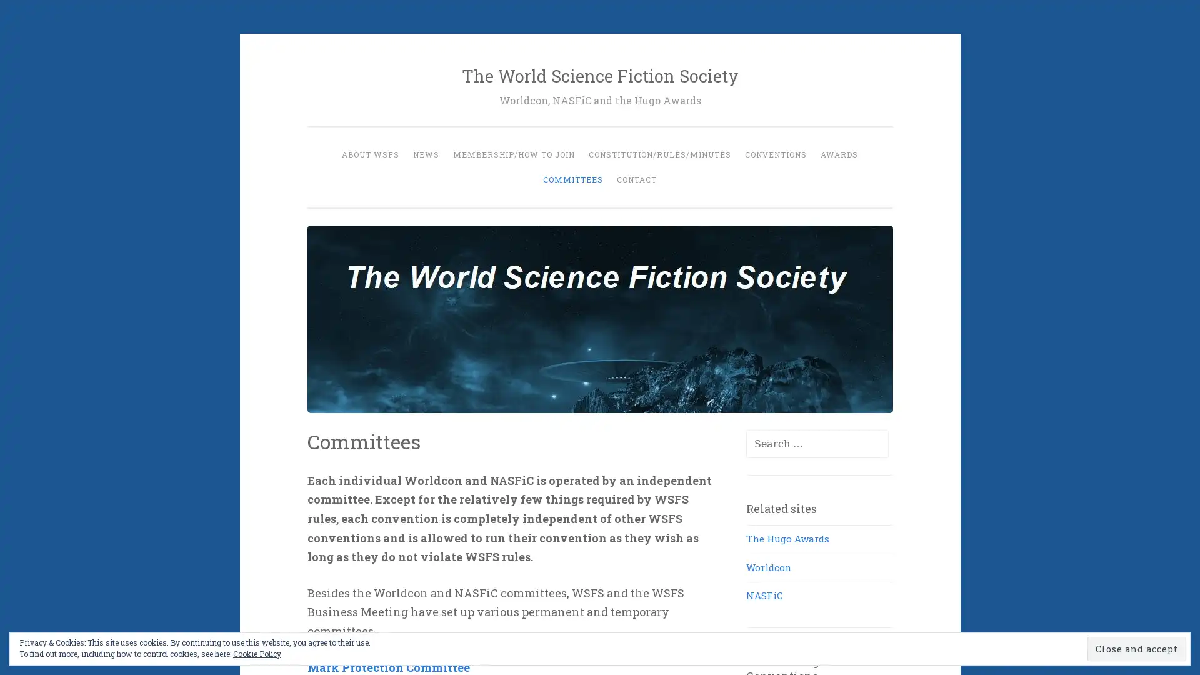  I want to click on Close and accept, so click(1137, 648).